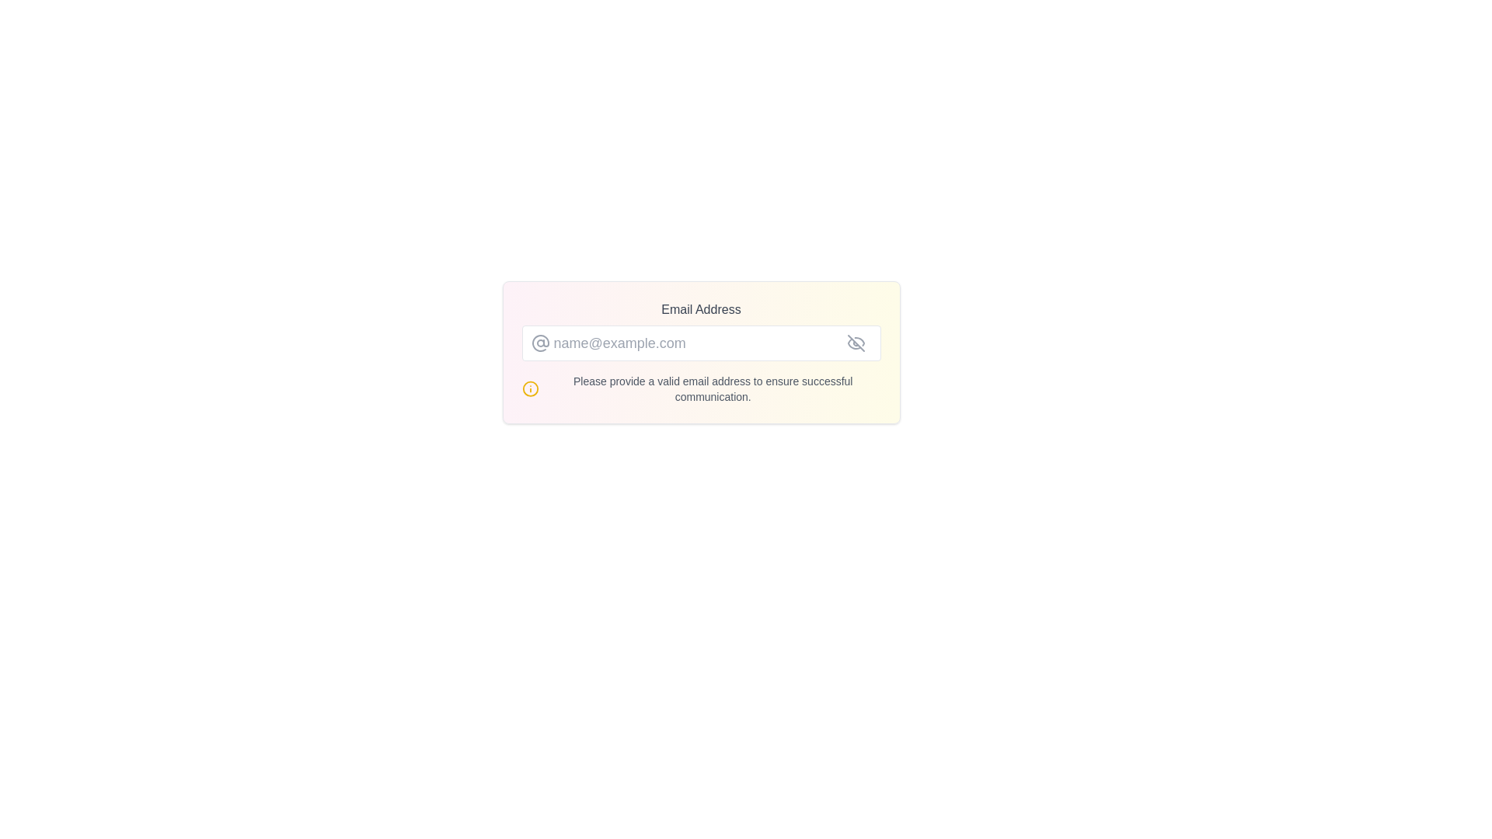 The image size is (1492, 839). What do you see at coordinates (712, 388) in the screenshot?
I see `text element that provides a reminder about entering a valid email address, located centrally beneath the email input field` at bounding box center [712, 388].